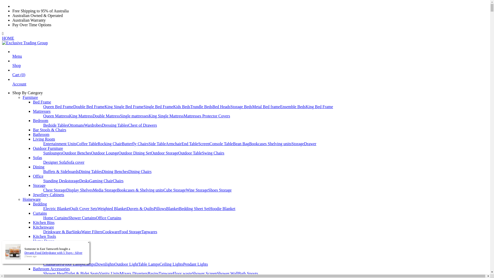  What do you see at coordinates (53, 153) in the screenshot?
I see `'Sunlounges'` at bounding box center [53, 153].